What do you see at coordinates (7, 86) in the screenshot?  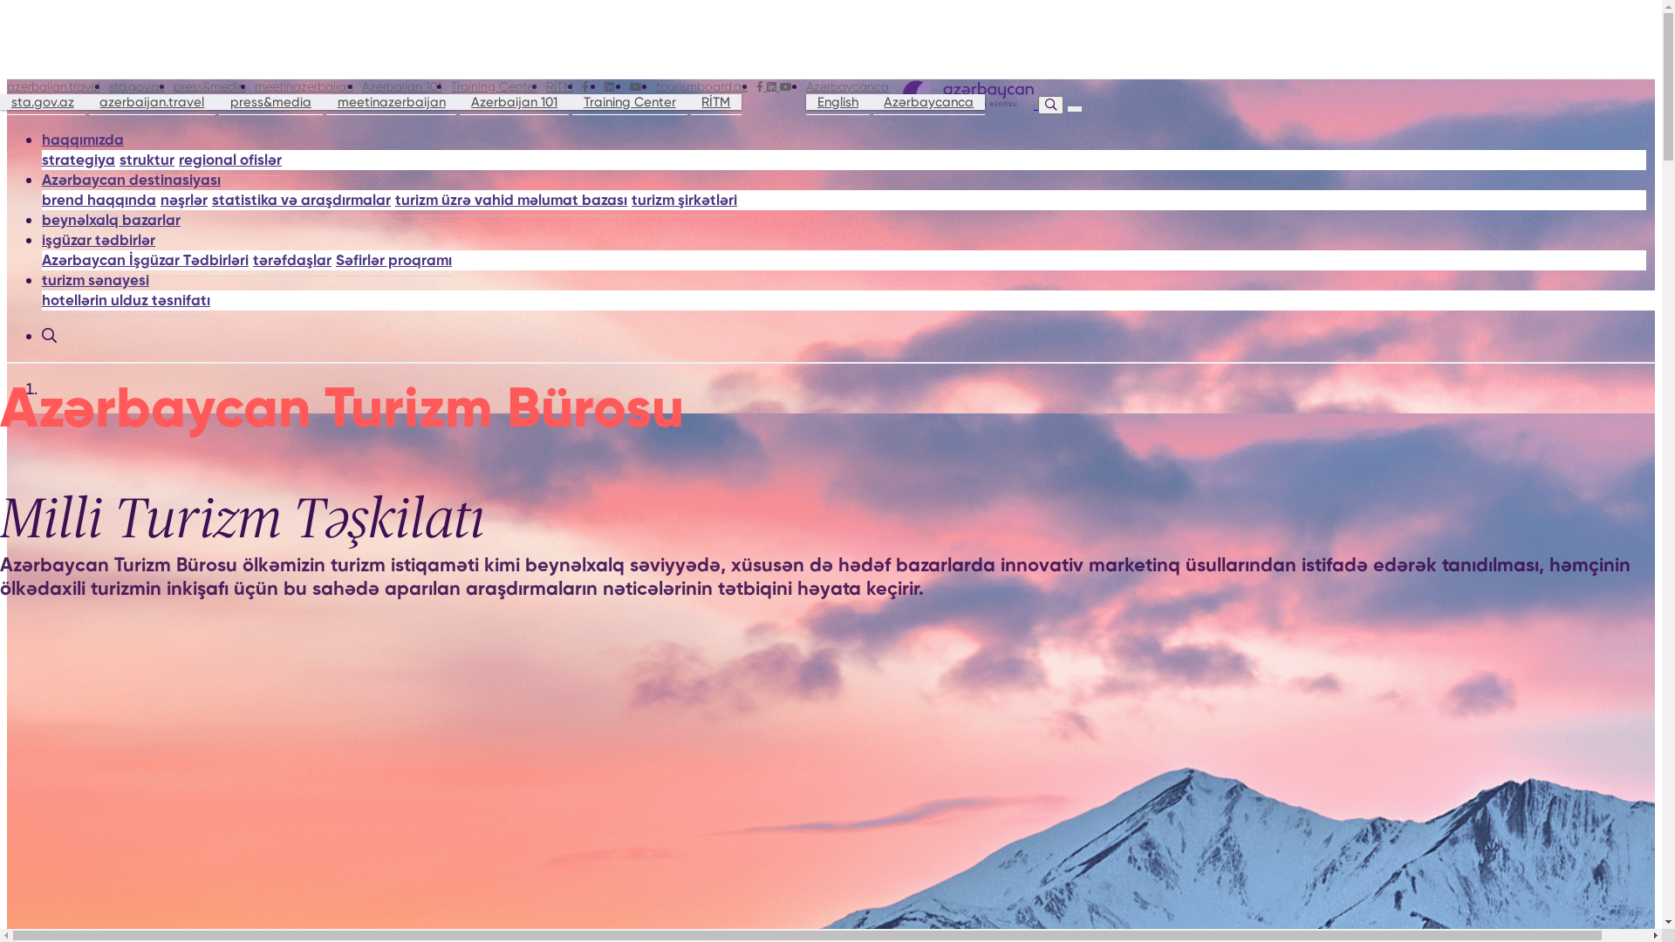 I see `'azerbaijan.travel'` at bounding box center [7, 86].